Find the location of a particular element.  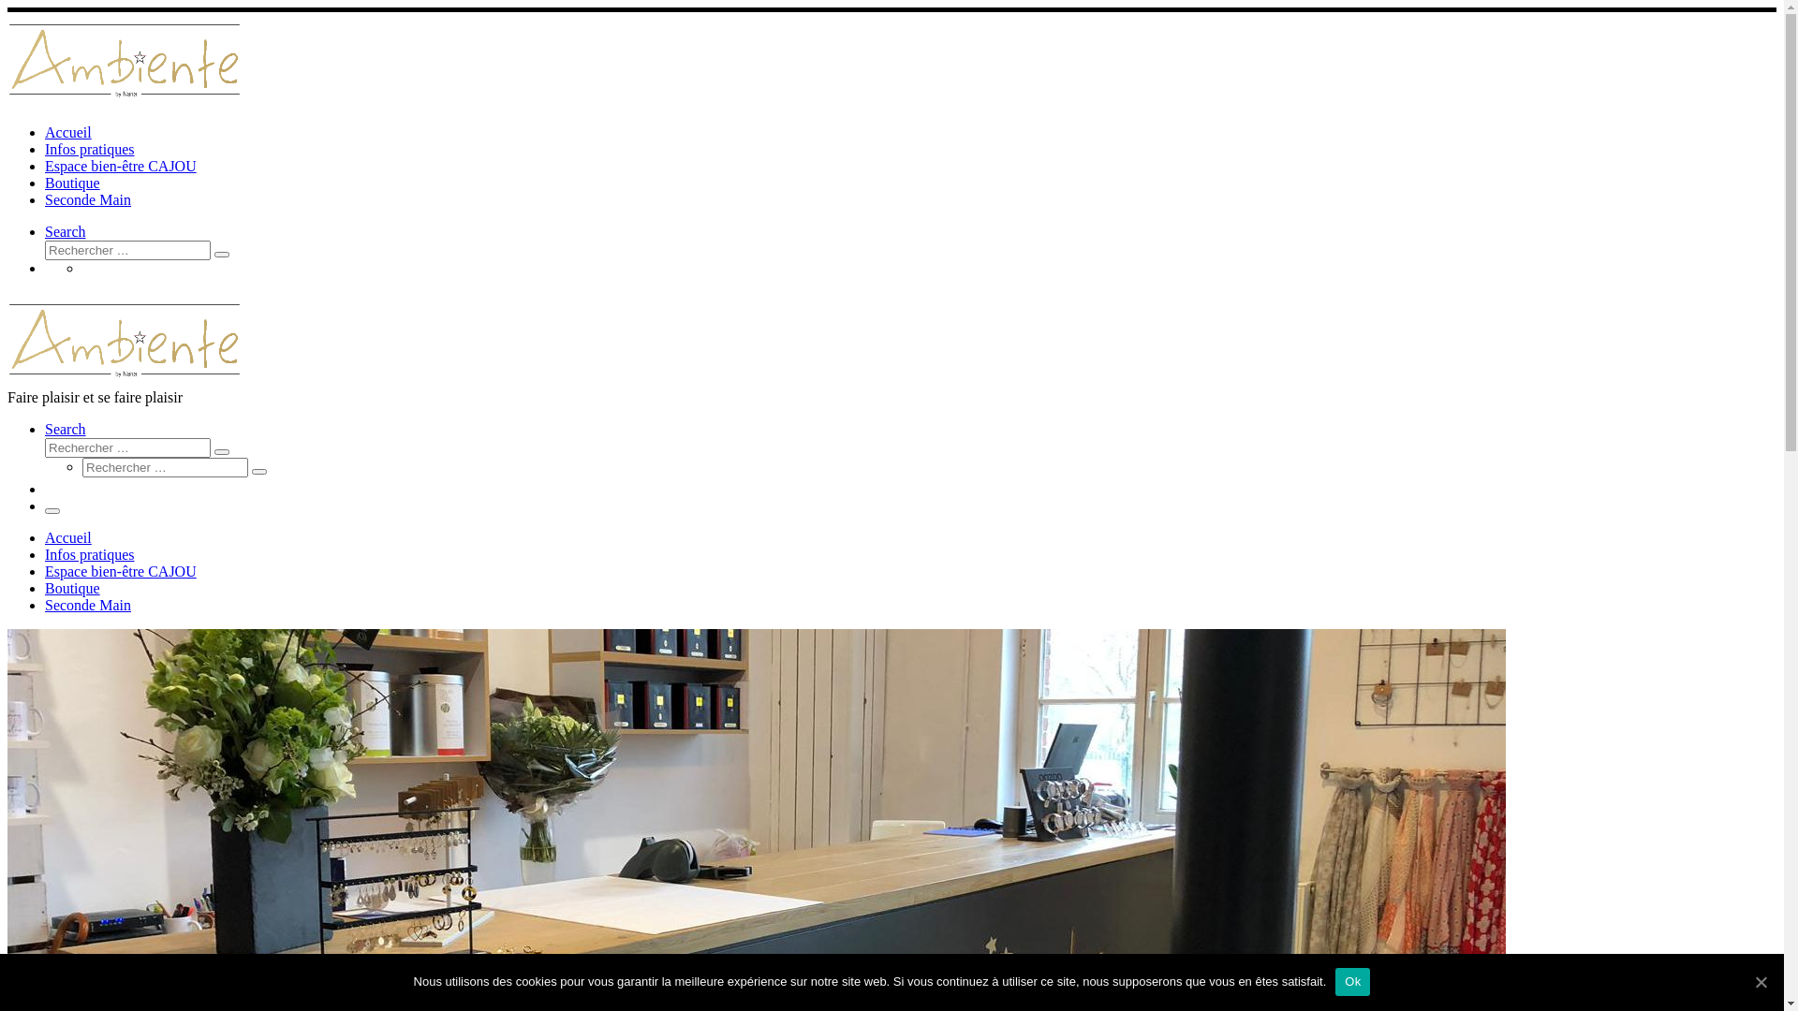

'Infos pratiques' is located at coordinates (89, 148).